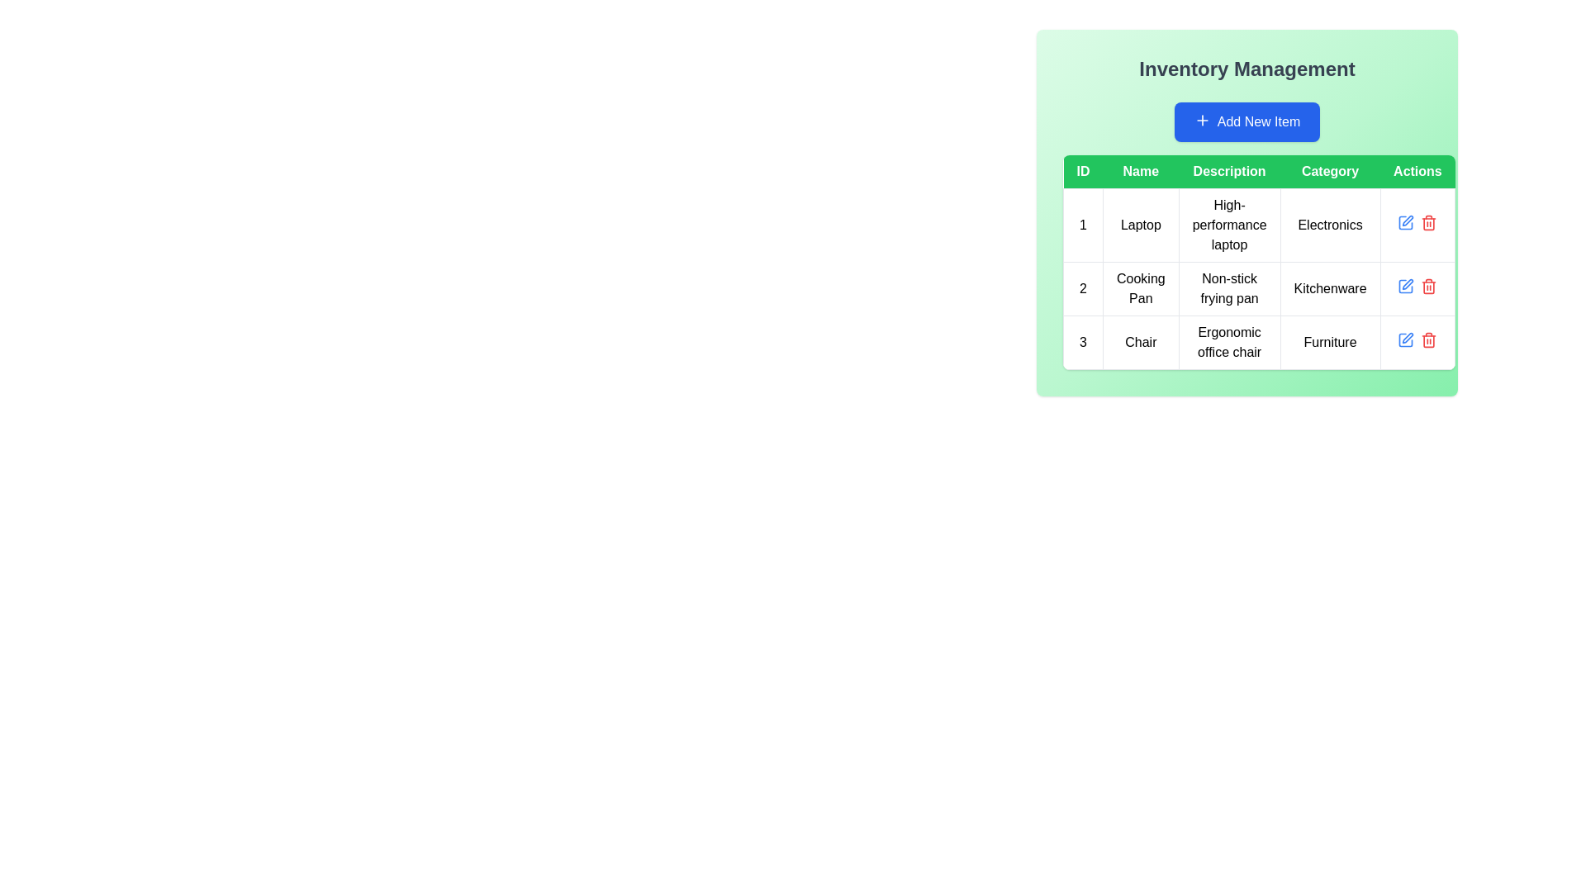  Describe the element at coordinates (1405, 339) in the screenshot. I see `the editing icon button, which resembles a square with a pen crossing diagonally, located in the 'Actions' column of the last row in the data table, to initiate editing` at that location.